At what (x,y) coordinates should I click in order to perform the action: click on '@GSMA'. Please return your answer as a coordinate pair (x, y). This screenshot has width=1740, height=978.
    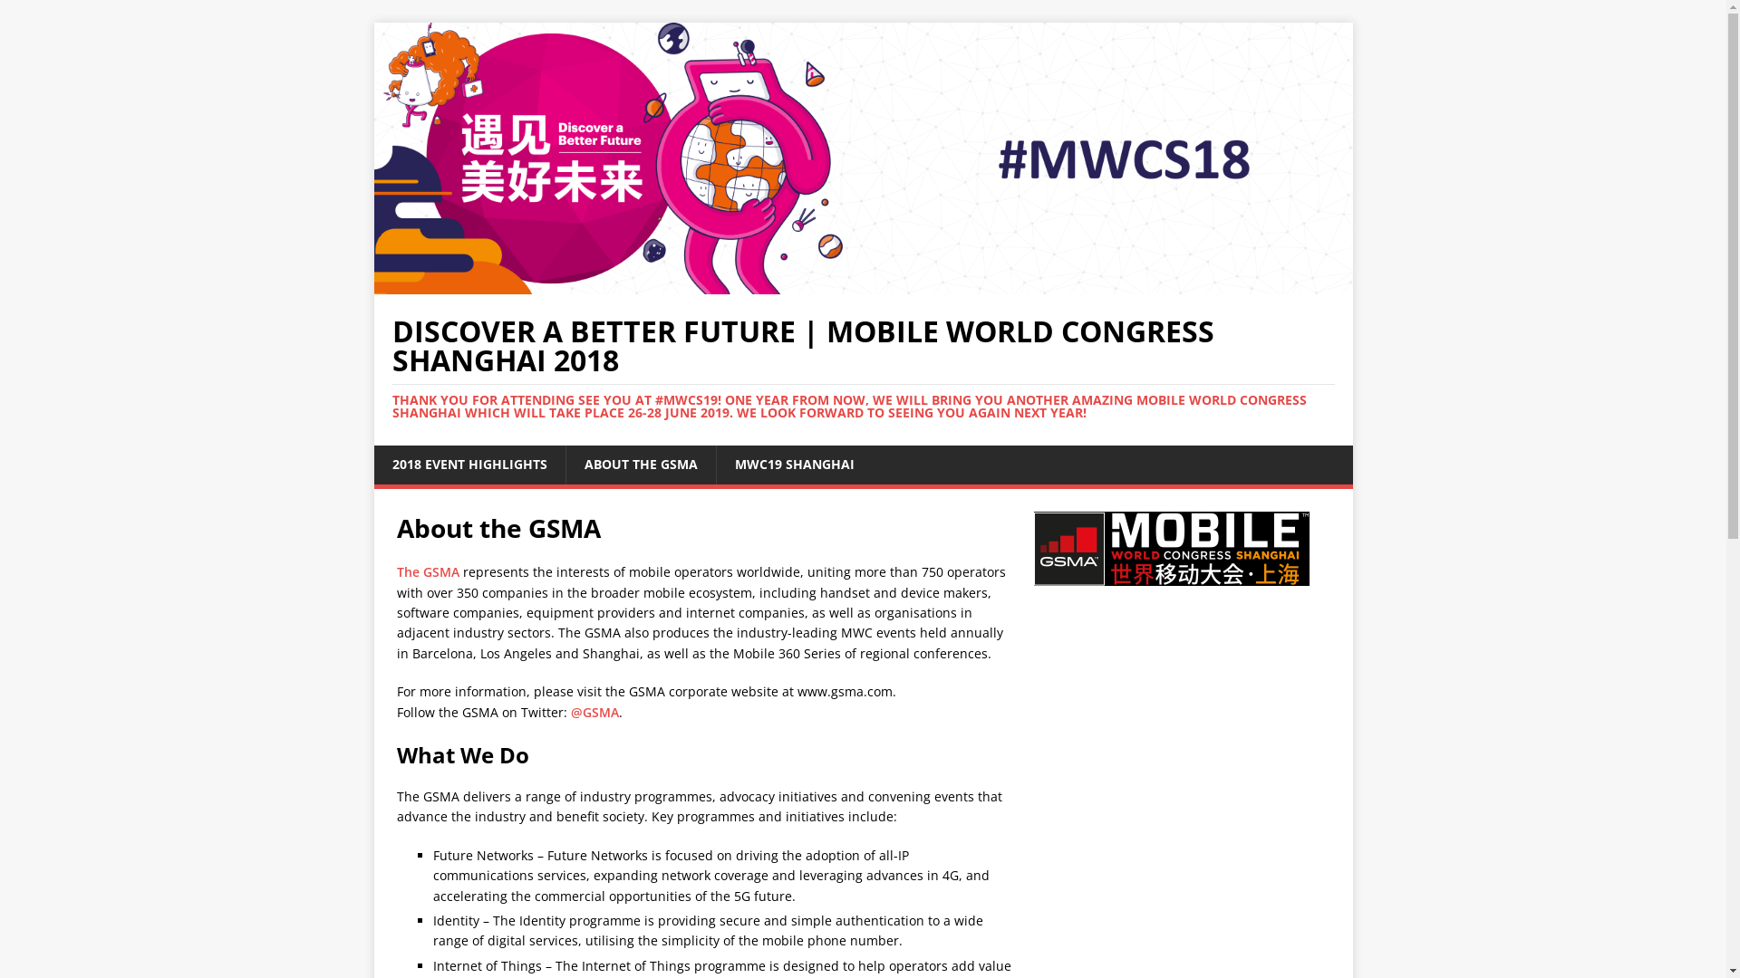
    Looking at the image, I should click on (594, 711).